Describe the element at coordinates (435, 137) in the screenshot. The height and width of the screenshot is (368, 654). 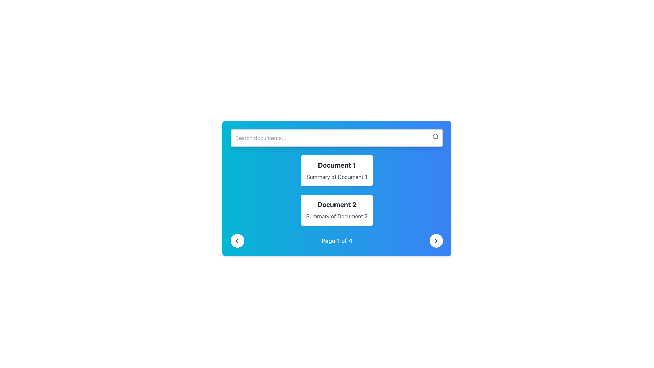
I see `the magnifying glass icon located at the top-right corner of the 'Search documents...' input field` at that location.